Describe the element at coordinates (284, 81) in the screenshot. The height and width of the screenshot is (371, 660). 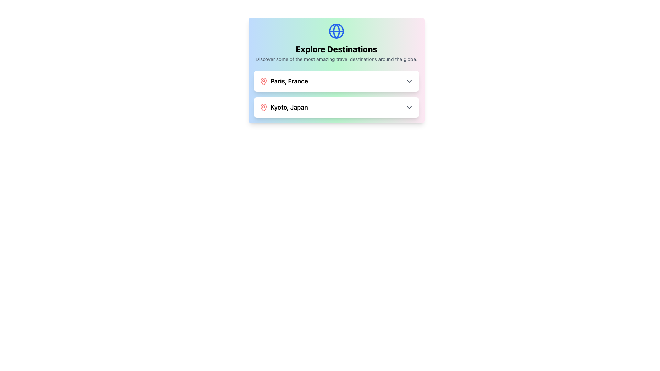
I see `the informational label indicating a travel destination, which is the first element in a vertically stacked list under the title 'Explore Destinations'` at that location.